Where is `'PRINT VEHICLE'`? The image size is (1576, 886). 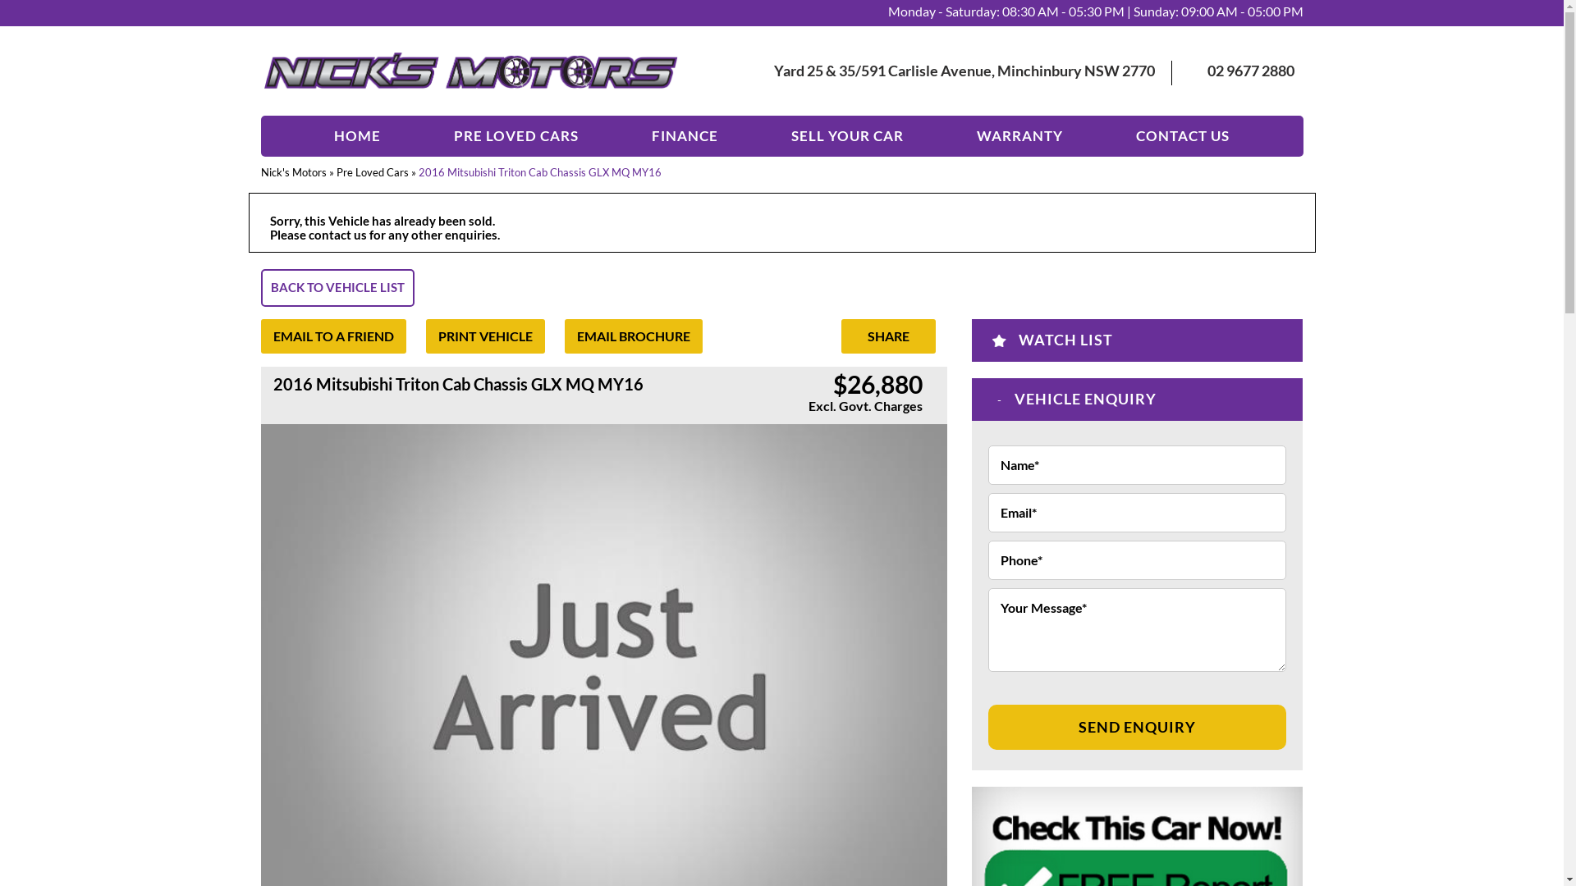
'PRINT VEHICLE' is located at coordinates (483, 336).